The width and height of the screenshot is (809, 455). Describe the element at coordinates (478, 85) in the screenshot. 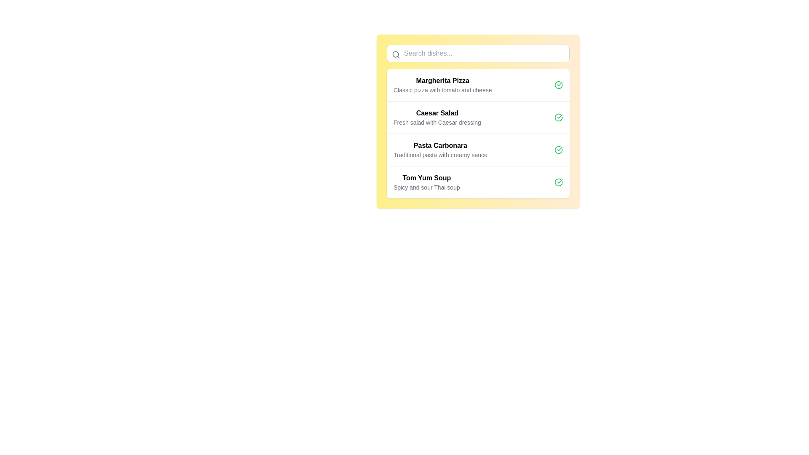

I see `the list item displaying 'Margherita Pizza'` at that location.